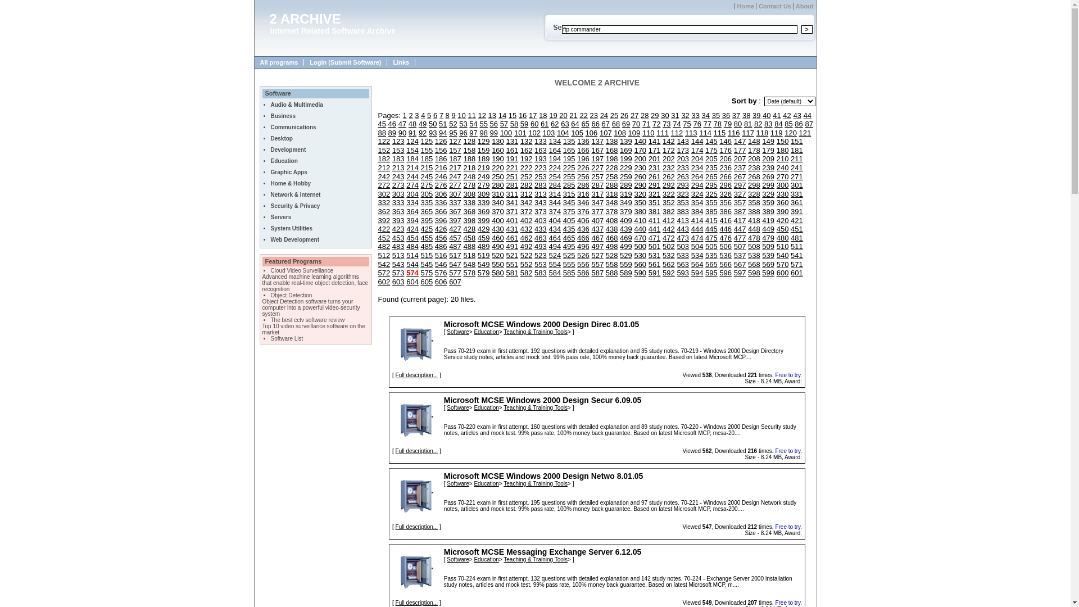  I want to click on '485', so click(425, 246).